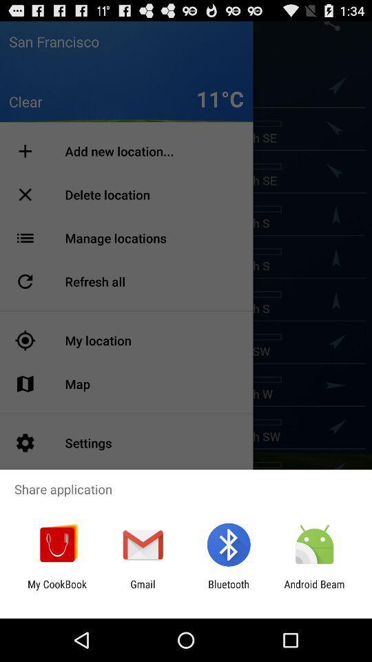 This screenshot has height=662, width=372. What do you see at coordinates (142, 590) in the screenshot?
I see `icon to the left of bluetooth icon` at bounding box center [142, 590].